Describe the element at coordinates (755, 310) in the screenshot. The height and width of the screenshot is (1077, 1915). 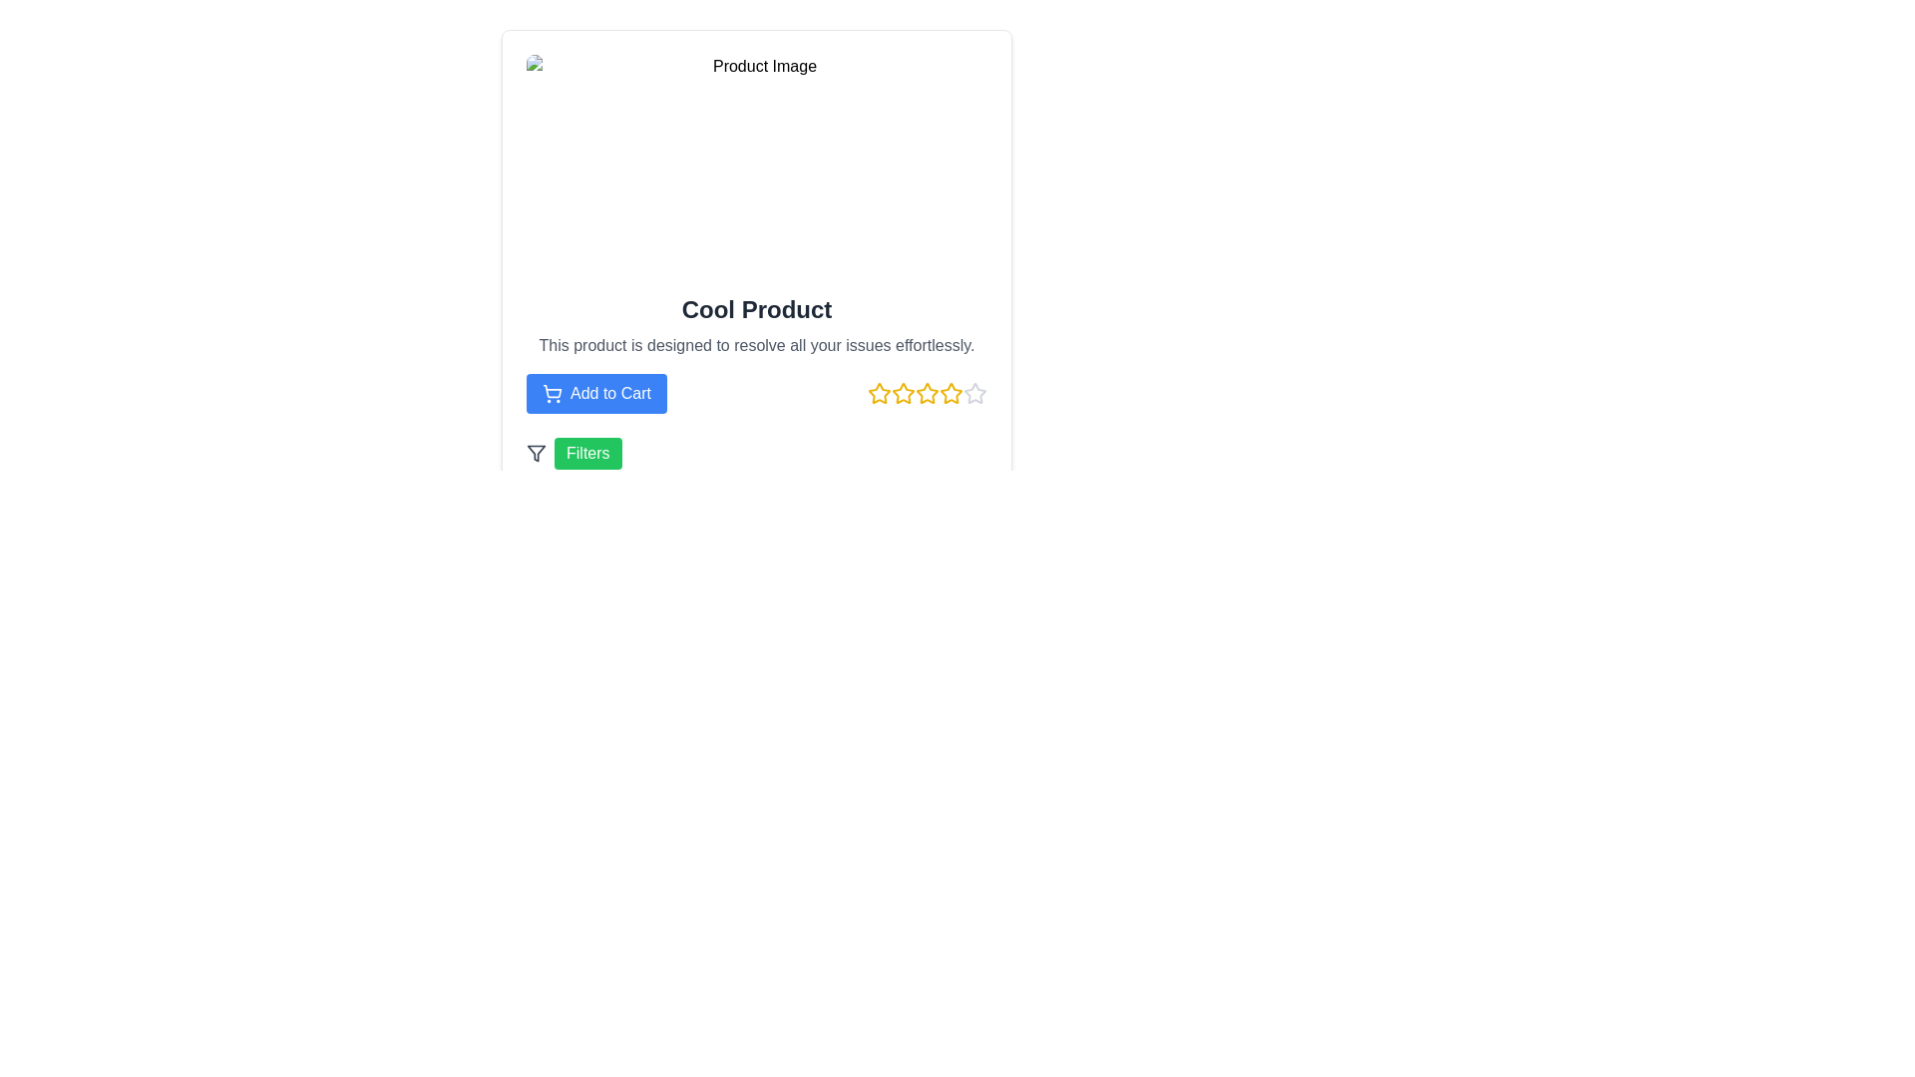
I see `the product title text label, which is centered below the product image and above the product description` at that location.